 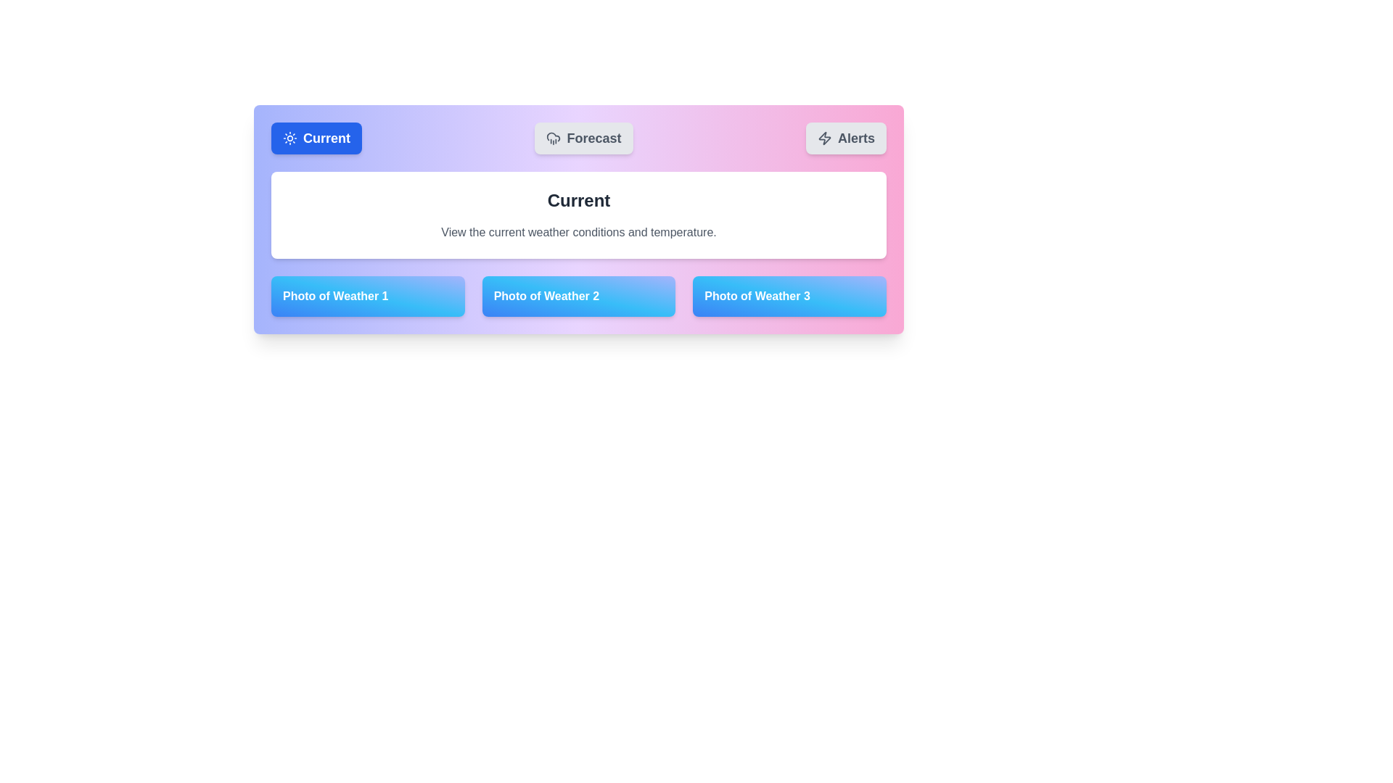 I want to click on the Informative button labeled 'Photo of Weather 2' which is the second button in a row of three, so click(x=578, y=295).